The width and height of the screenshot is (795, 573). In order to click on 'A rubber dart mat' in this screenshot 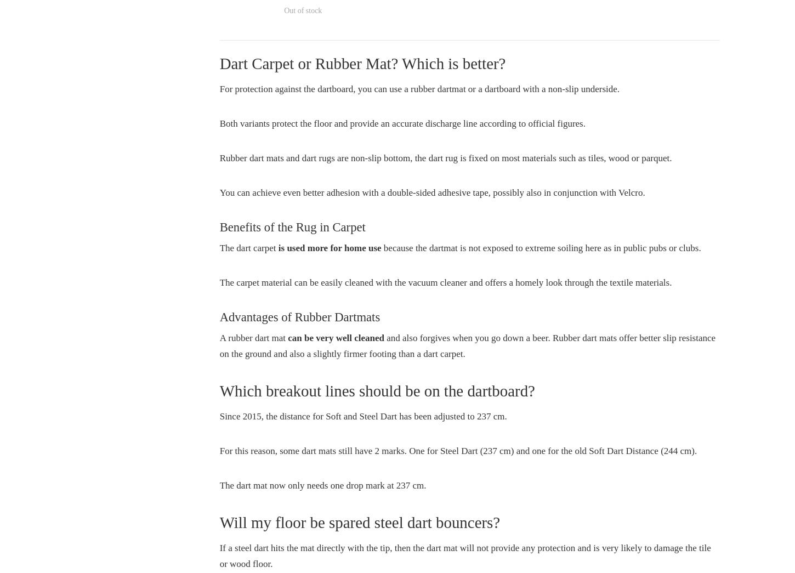, I will do `click(253, 337)`.